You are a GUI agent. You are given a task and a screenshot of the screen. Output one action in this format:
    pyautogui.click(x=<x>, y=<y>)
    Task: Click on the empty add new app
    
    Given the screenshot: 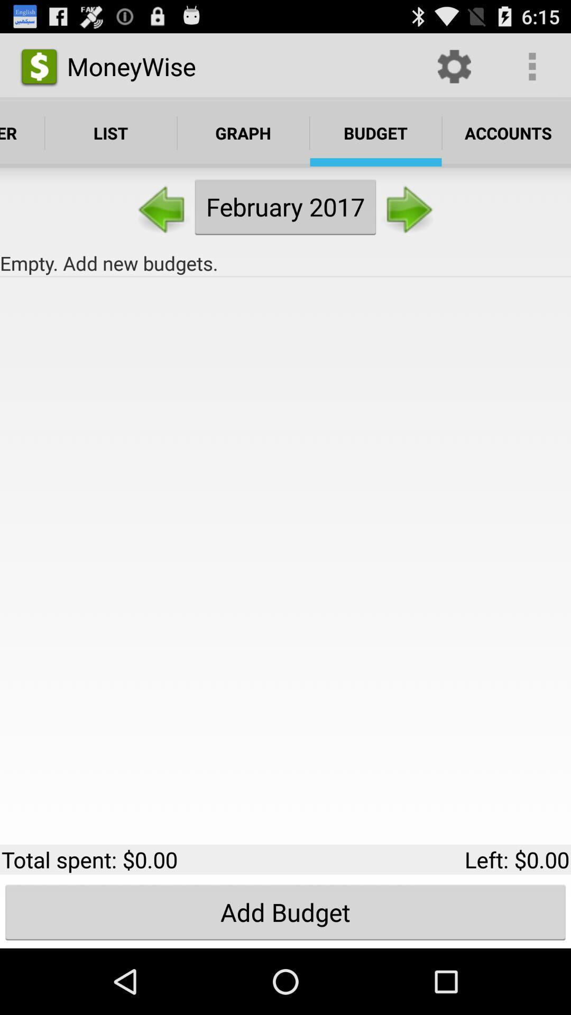 What is the action you would take?
    pyautogui.click(x=285, y=263)
    